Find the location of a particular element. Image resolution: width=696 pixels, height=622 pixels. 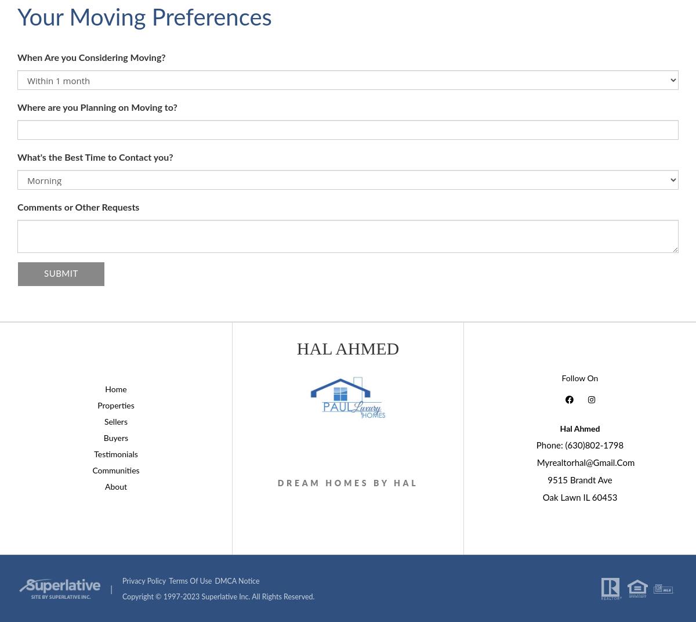

'When Are you Considering Moving?' is located at coordinates (90, 58).